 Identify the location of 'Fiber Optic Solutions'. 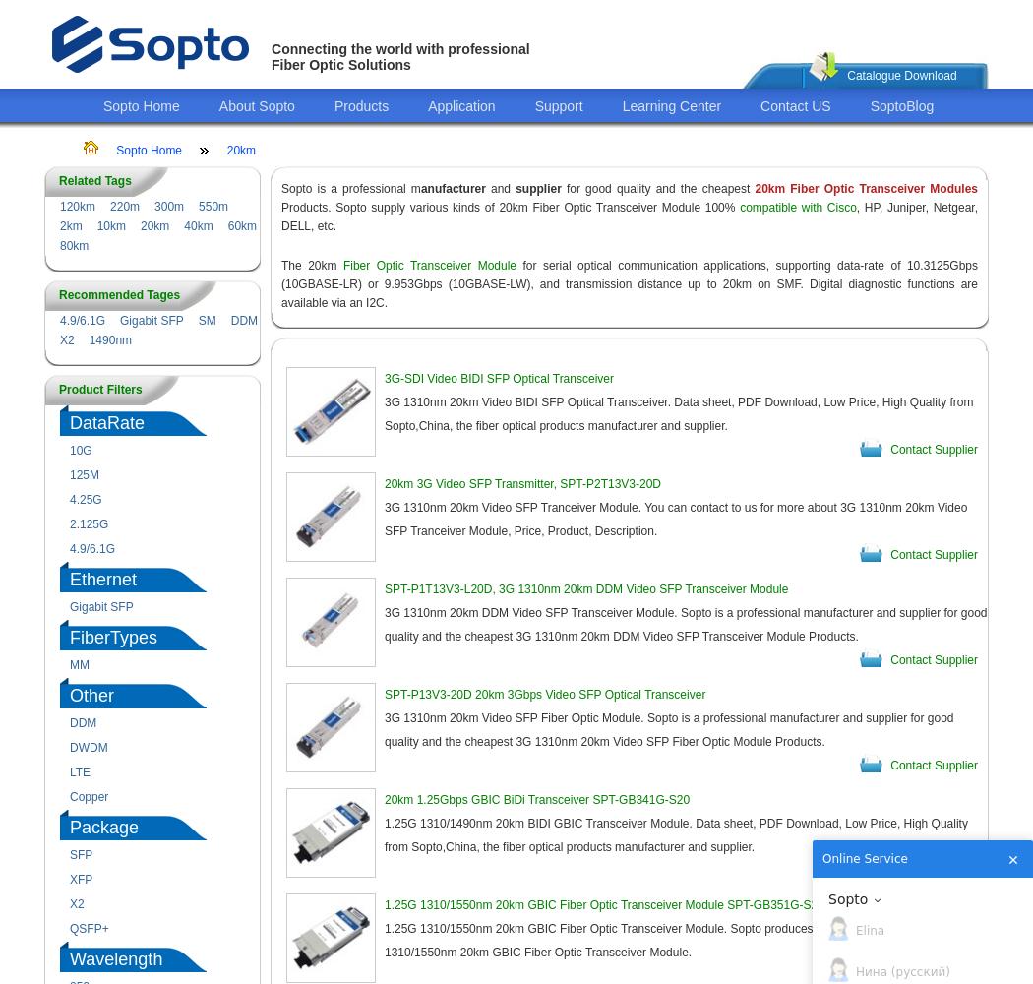
(339, 64).